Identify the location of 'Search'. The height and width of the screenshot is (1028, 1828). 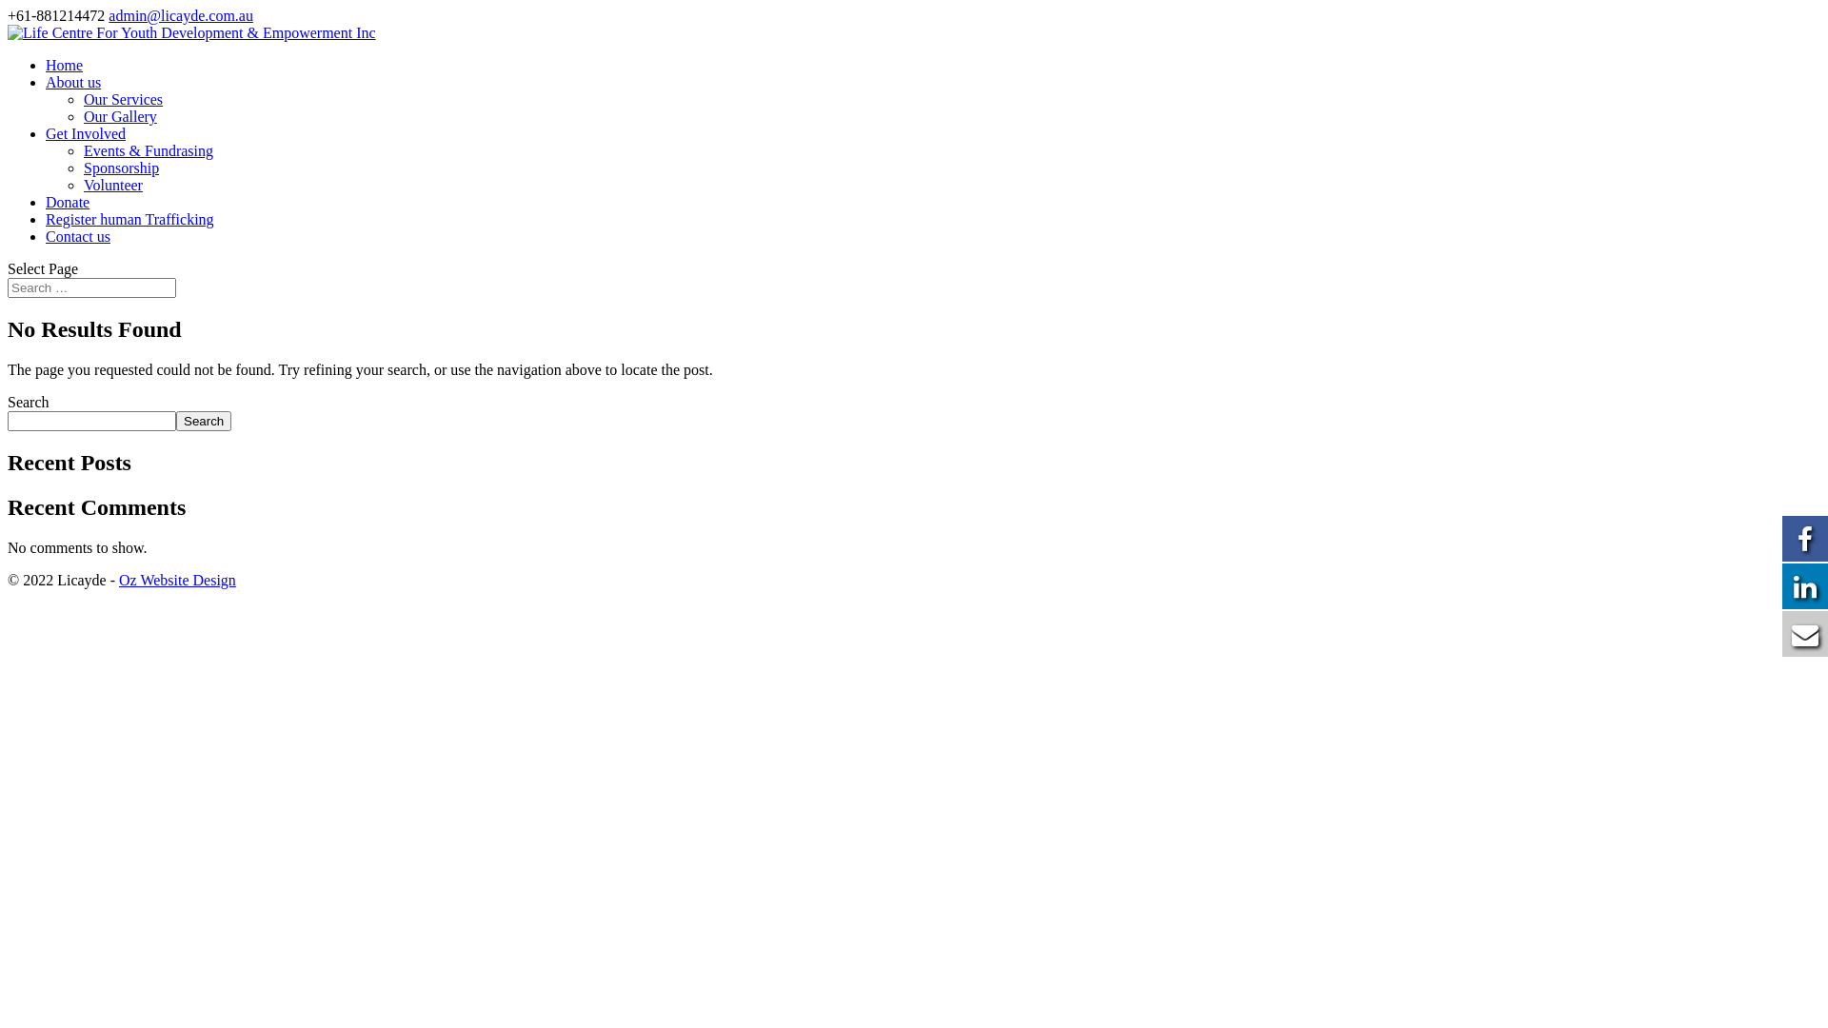
(204, 420).